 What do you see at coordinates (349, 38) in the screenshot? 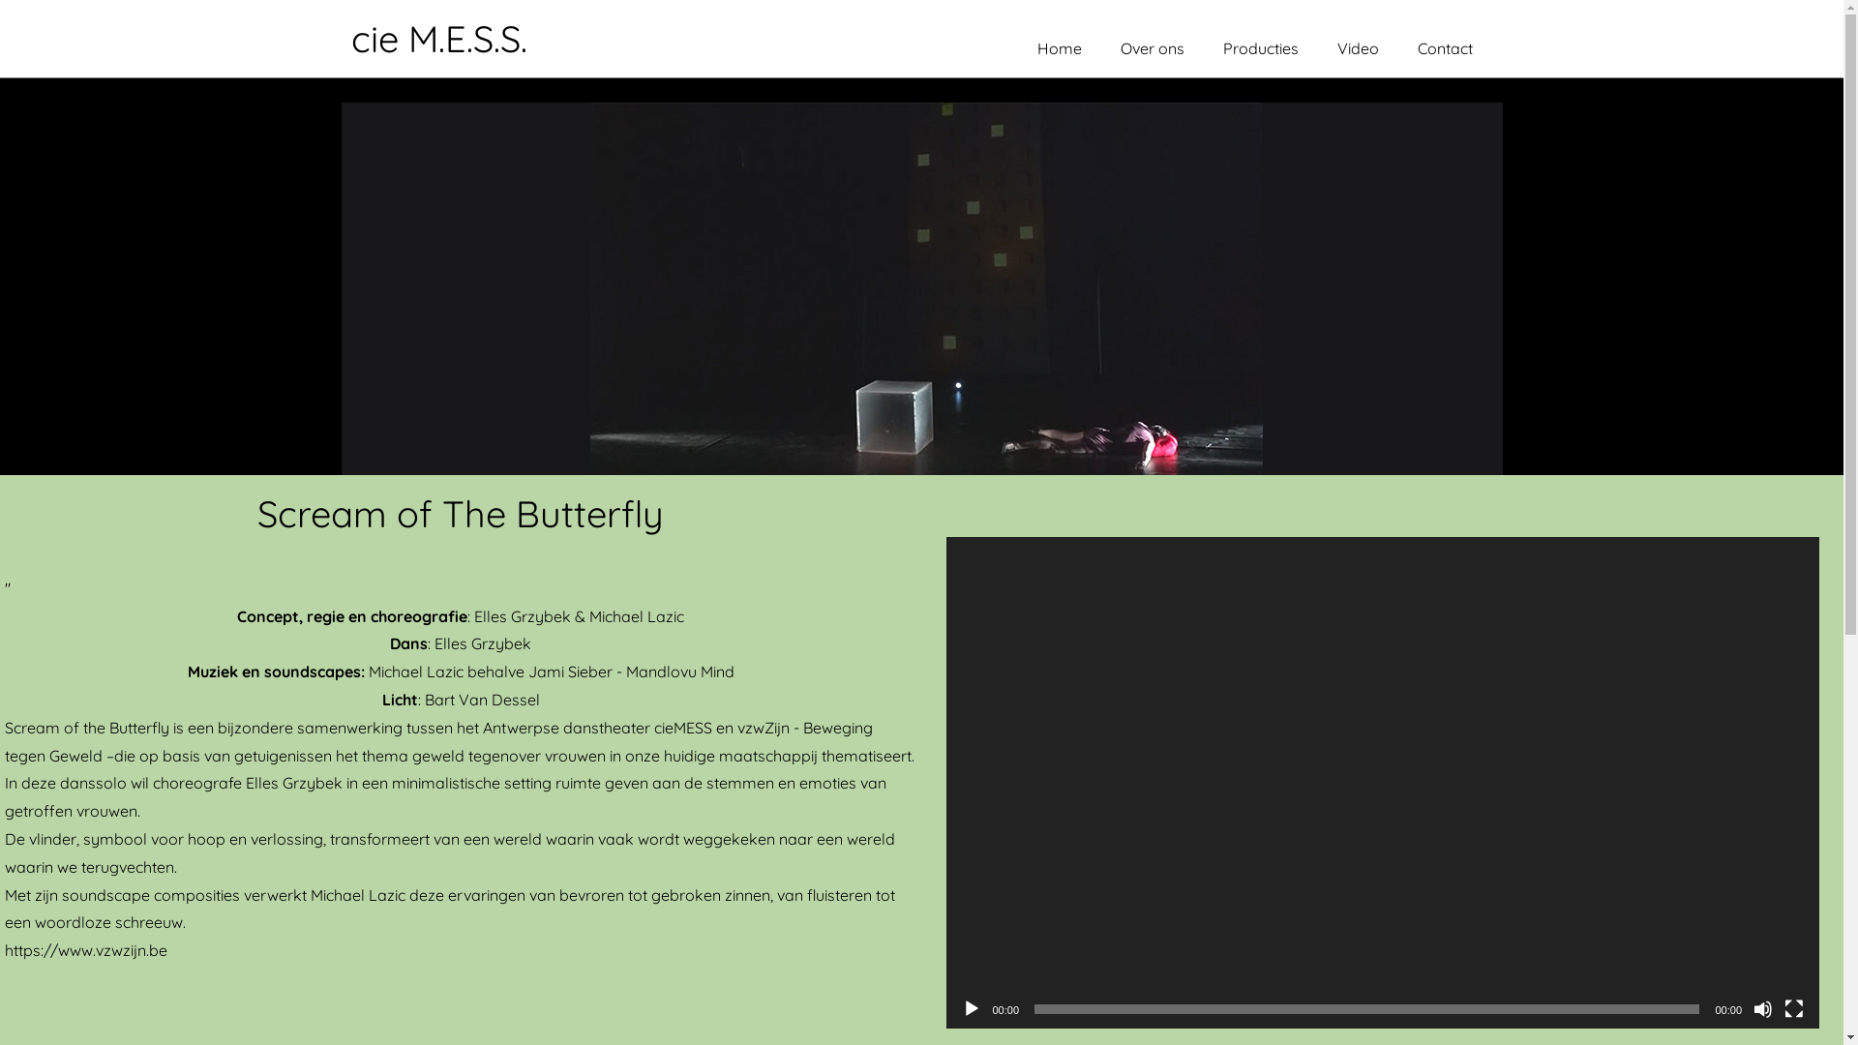
I see `'cie M.E.S.S.'` at bounding box center [349, 38].